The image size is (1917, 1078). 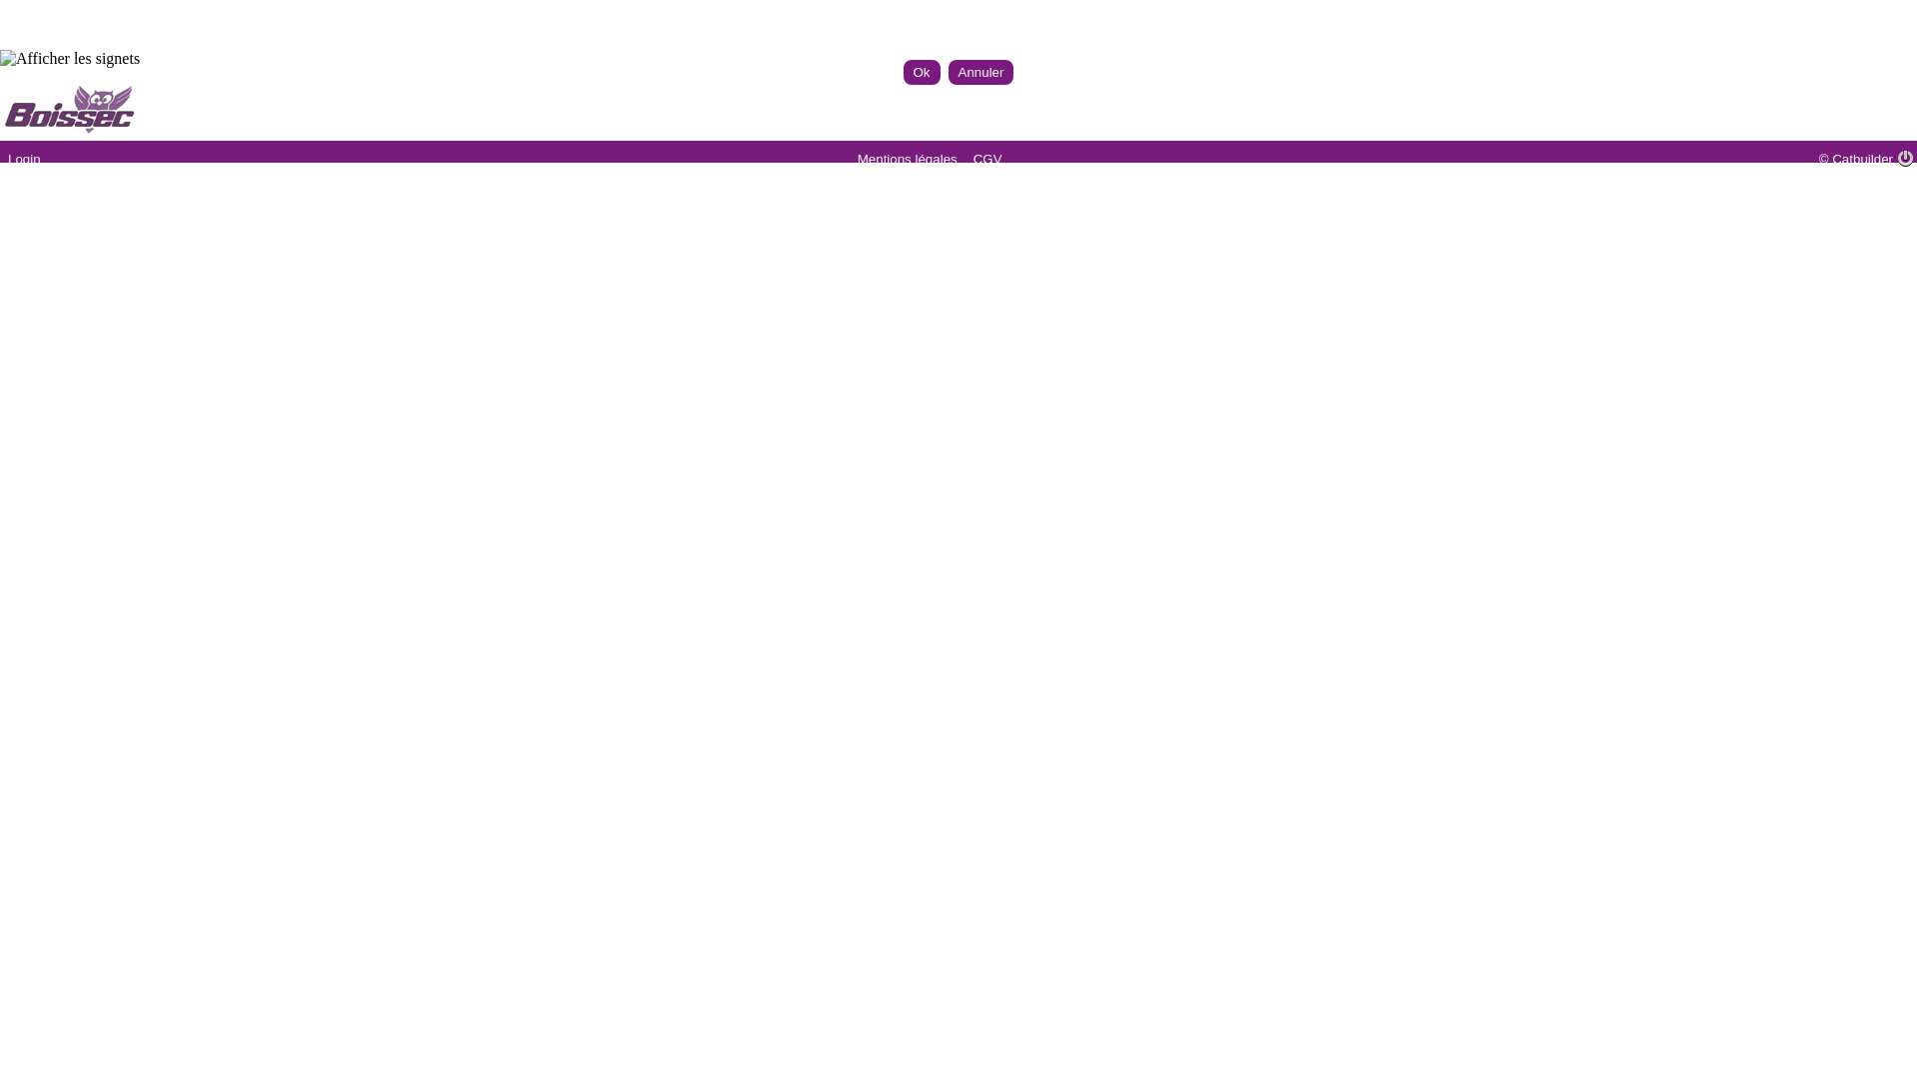 I want to click on 'CGV', so click(x=987, y=158).